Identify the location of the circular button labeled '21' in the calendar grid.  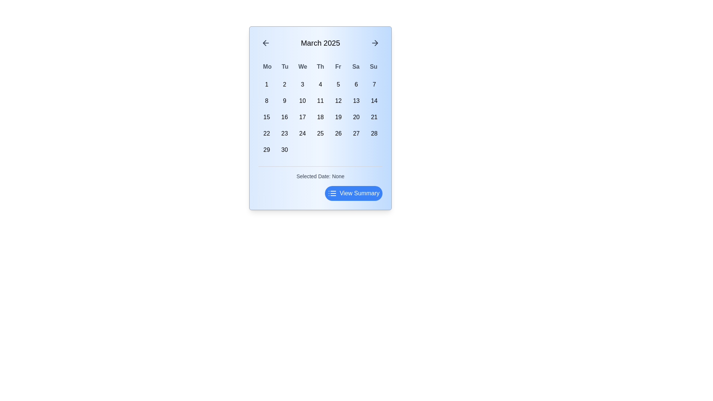
(374, 117).